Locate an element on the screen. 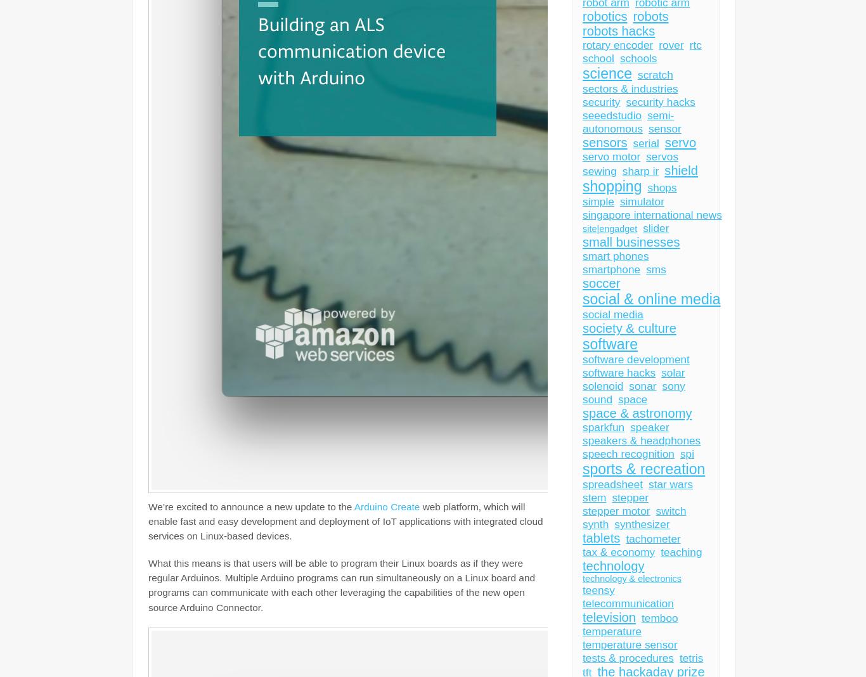  'sparkfun' is located at coordinates (603, 427).